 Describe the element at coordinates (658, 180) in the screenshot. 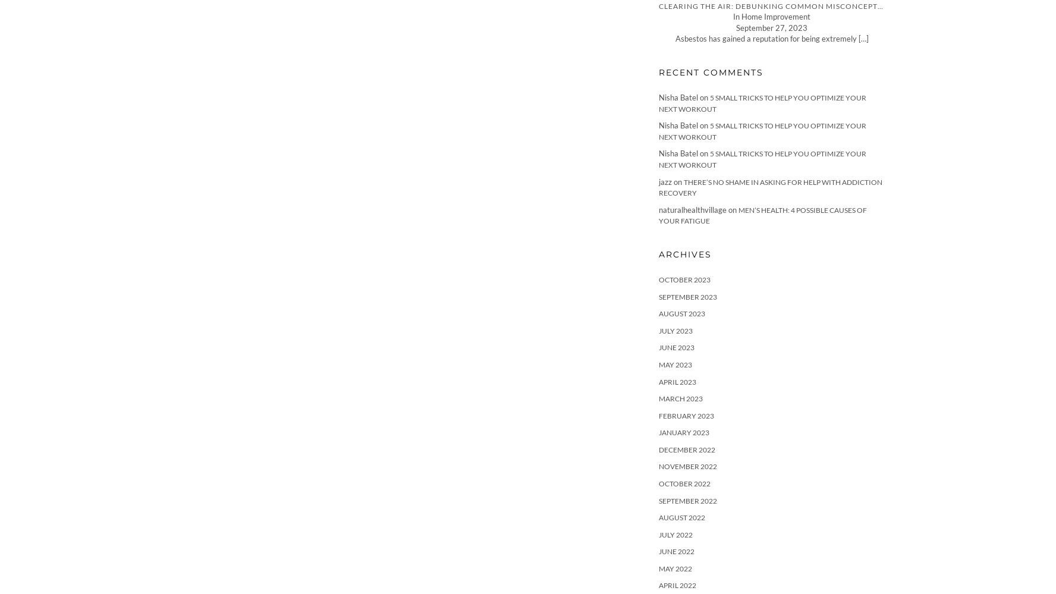

I see `'jazz'` at that location.